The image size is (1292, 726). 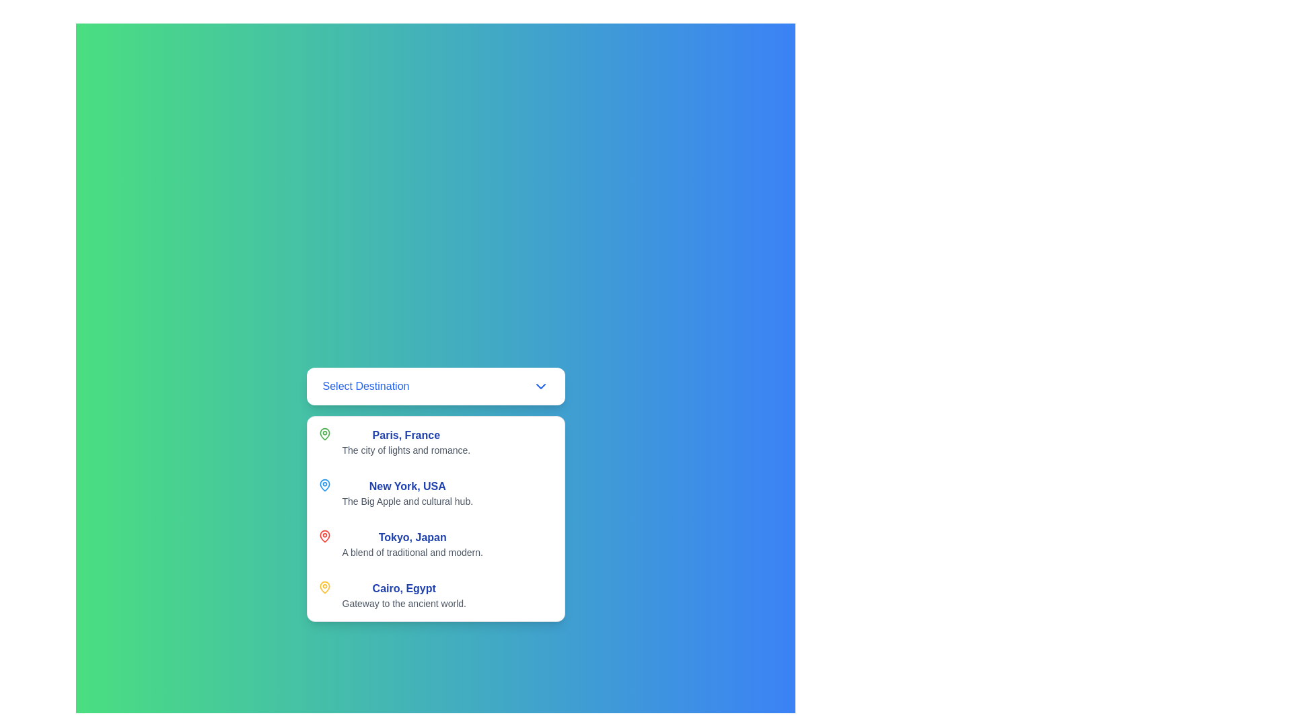 I want to click on the red map pin icon located next to the text 'Tokyo, Japan' in the third row of the option list interface, so click(x=324, y=536).